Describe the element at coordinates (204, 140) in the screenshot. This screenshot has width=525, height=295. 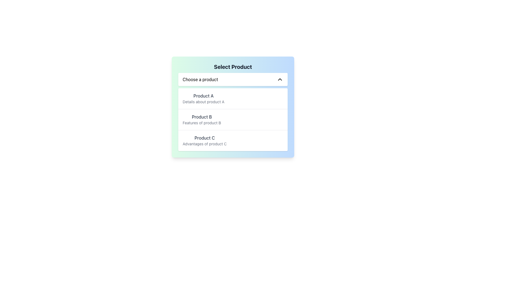
I see `the third option in the dropdown list` at that location.